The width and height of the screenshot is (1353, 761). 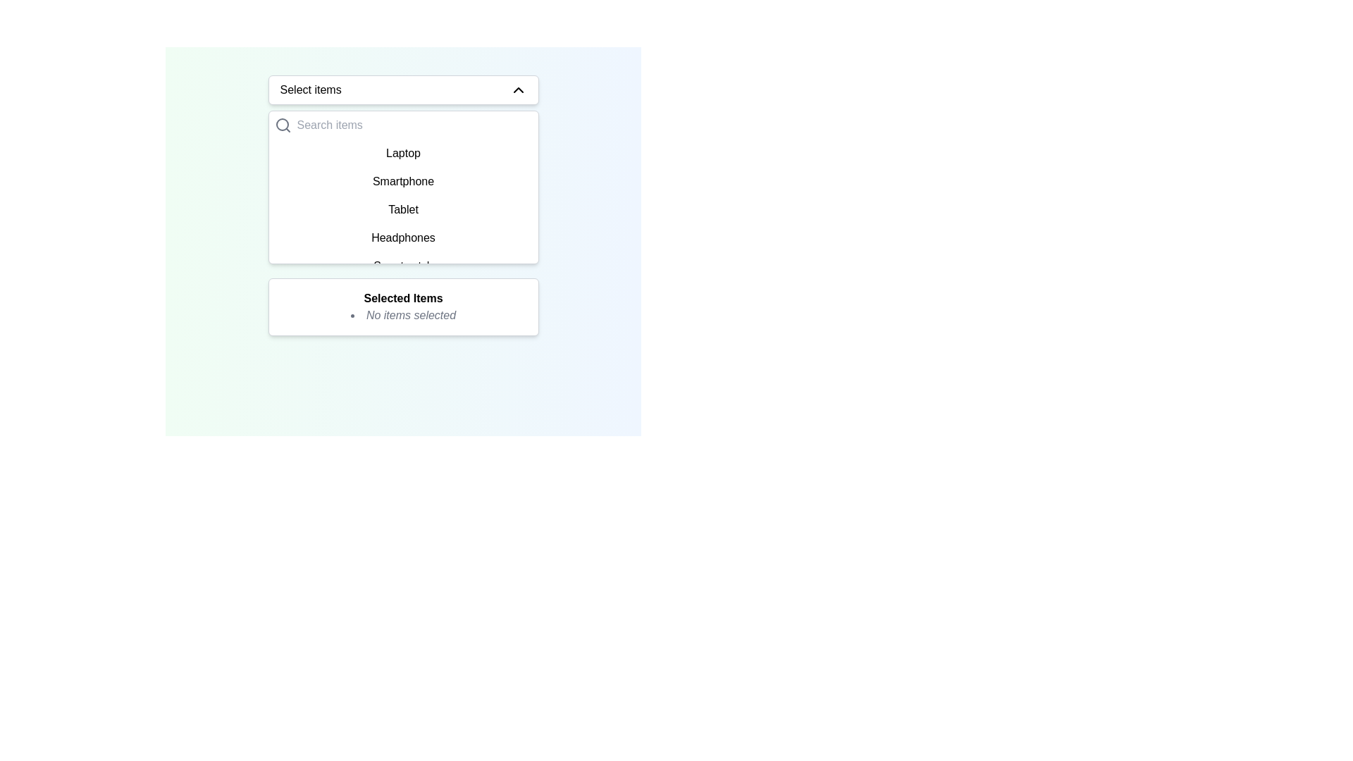 I want to click on the toggle icon on the far right of the dropdown menu header, so click(x=517, y=89).